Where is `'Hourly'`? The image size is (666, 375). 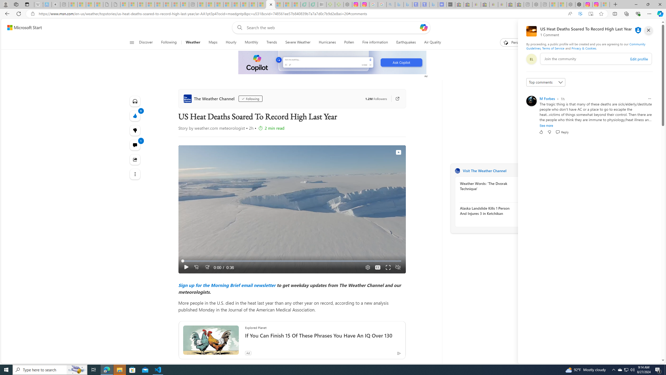 'Hourly' is located at coordinates (230, 42).